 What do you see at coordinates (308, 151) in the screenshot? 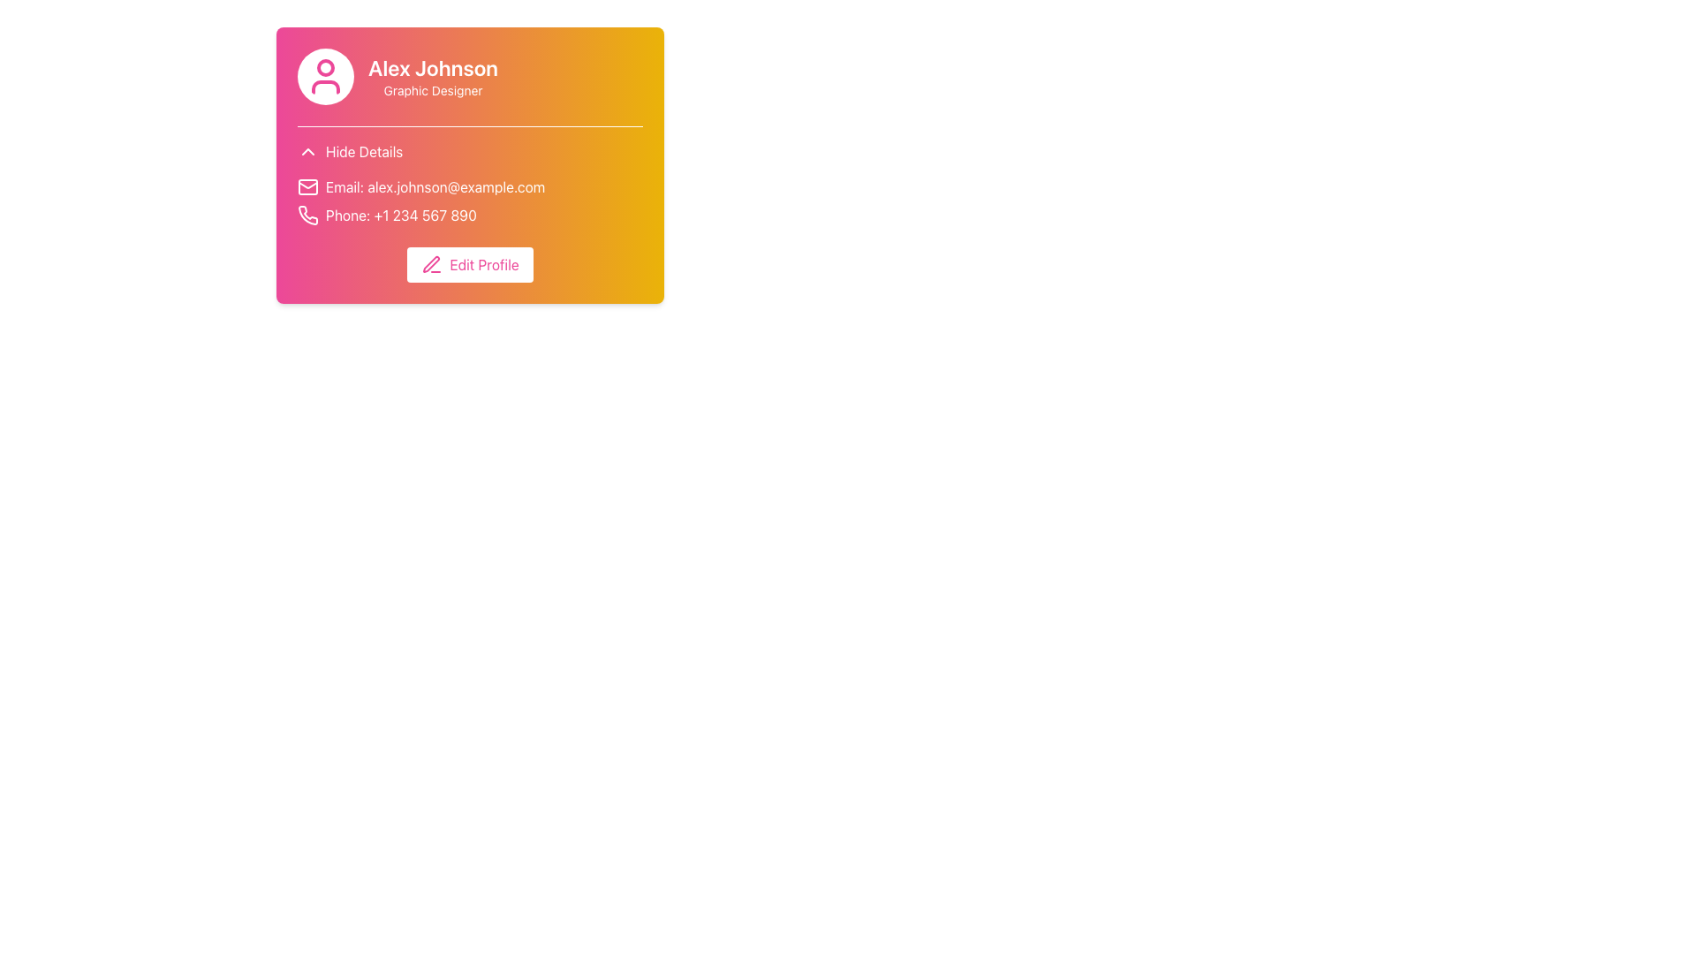
I see `the 'Hide Details' icon located to the left of the text` at bounding box center [308, 151].